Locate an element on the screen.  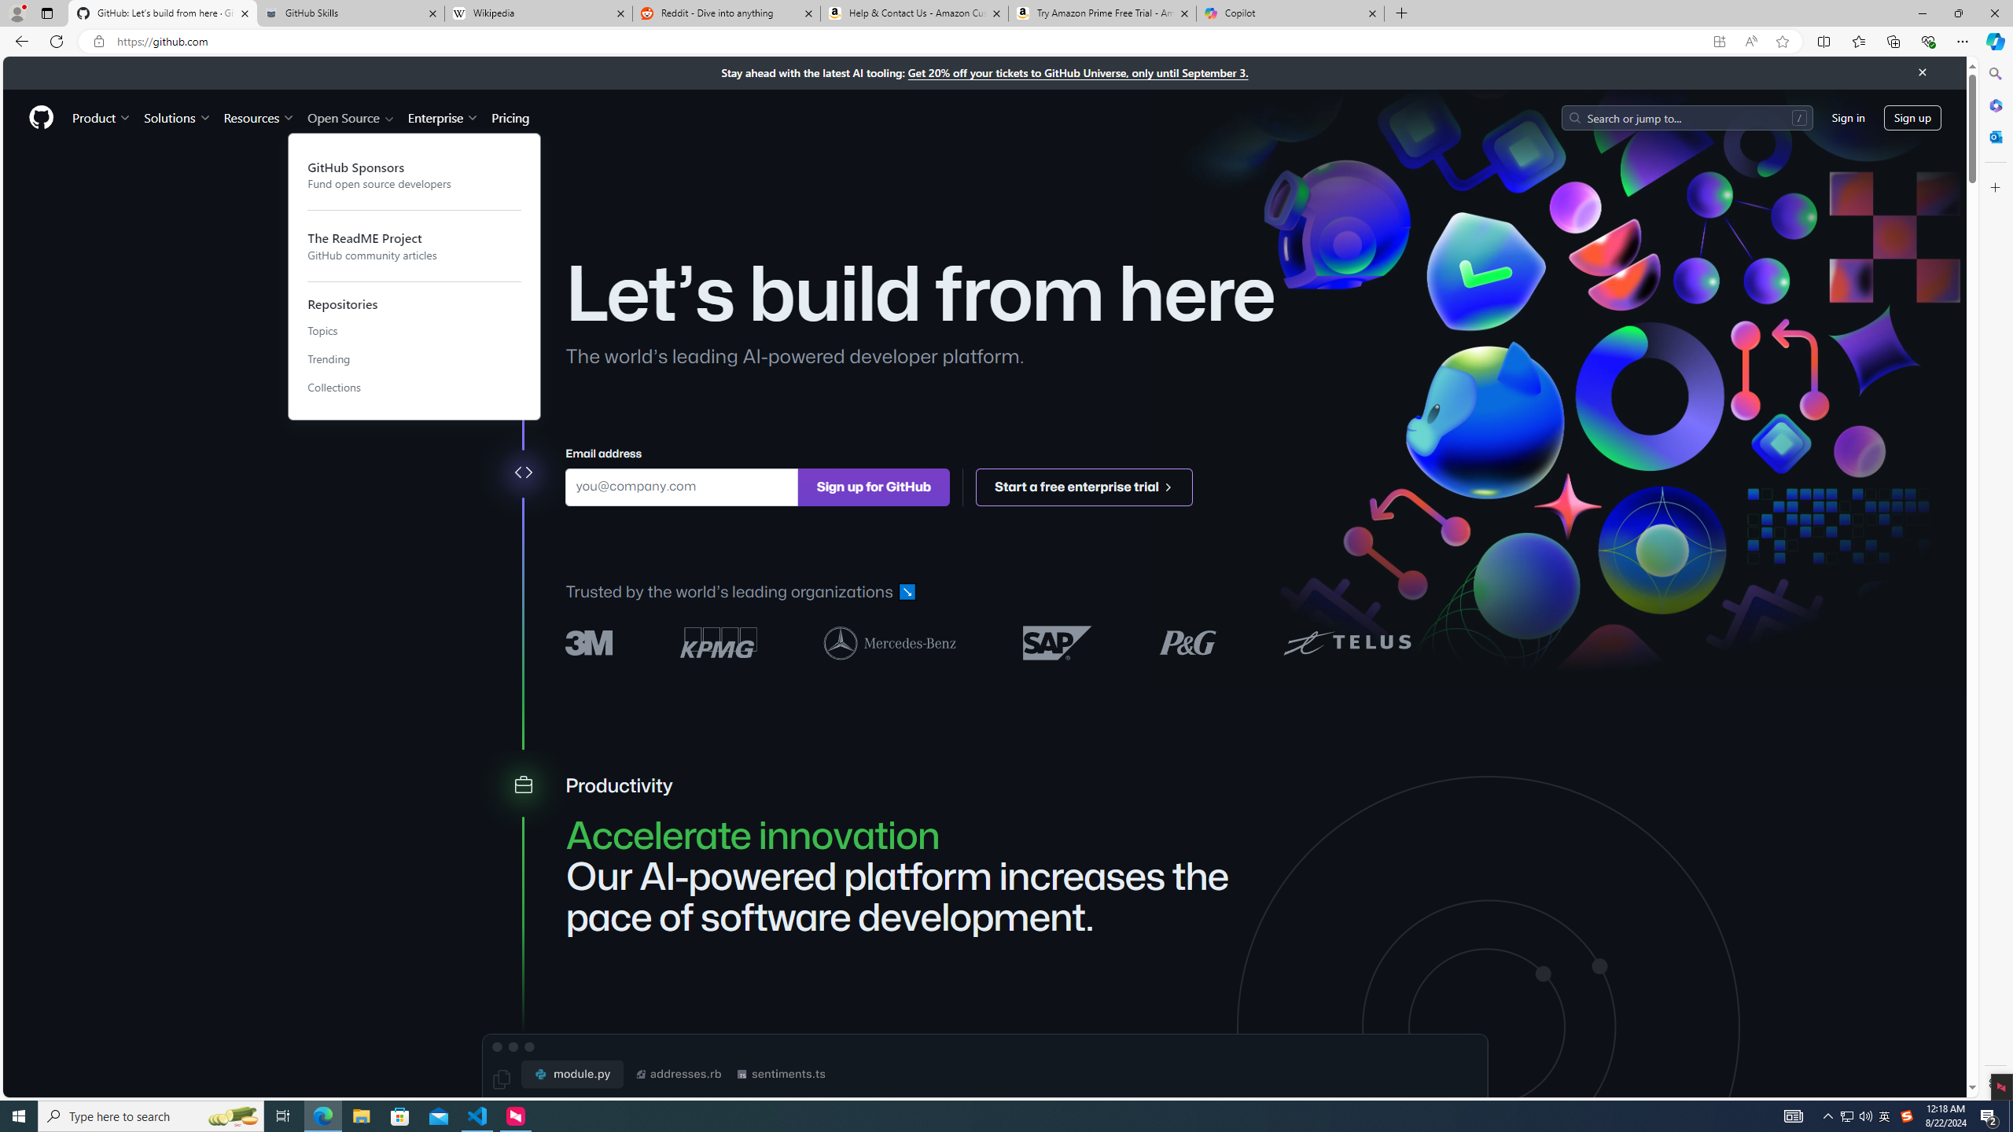
'Copilot' is located at coordinates (1289, 13).